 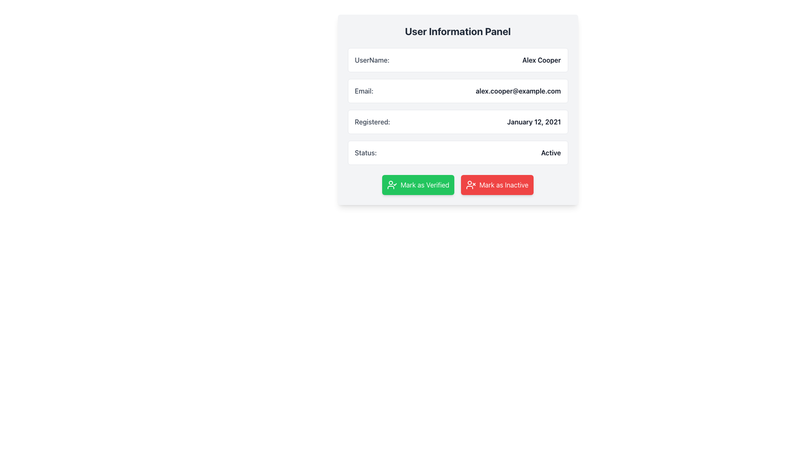 I want to click on the text label displaying 'January 12, 2021' in the user profile panel, which is styled in bold, dark gray font and positioned next to the 'Registered:' label, so click(x=534, y=122).